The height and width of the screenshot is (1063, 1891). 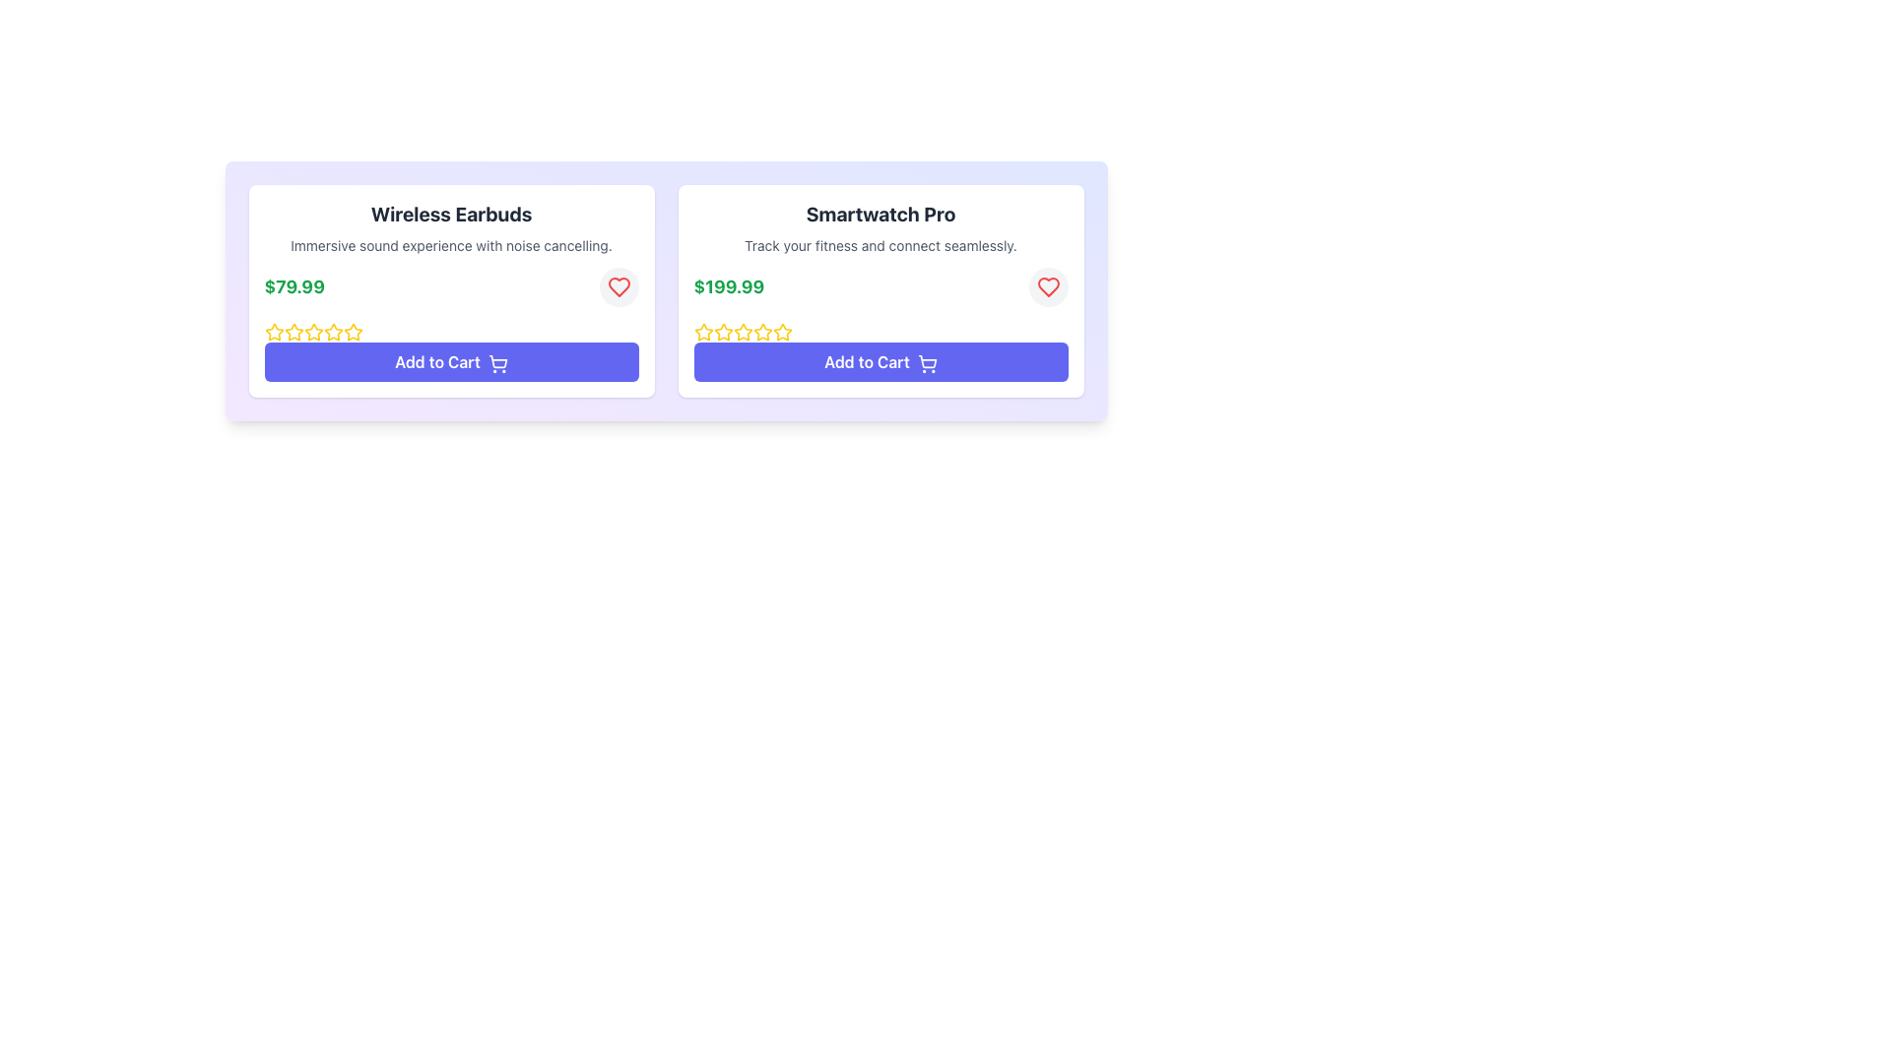 What do you see at coordinates (926, 363) in the screenshot?
I see `the shopping cart icon located at the right end of the 'Add to Cart' button for the 'Smartwatch Pro' product as a visual indicator` at bounding box center [926, 363].